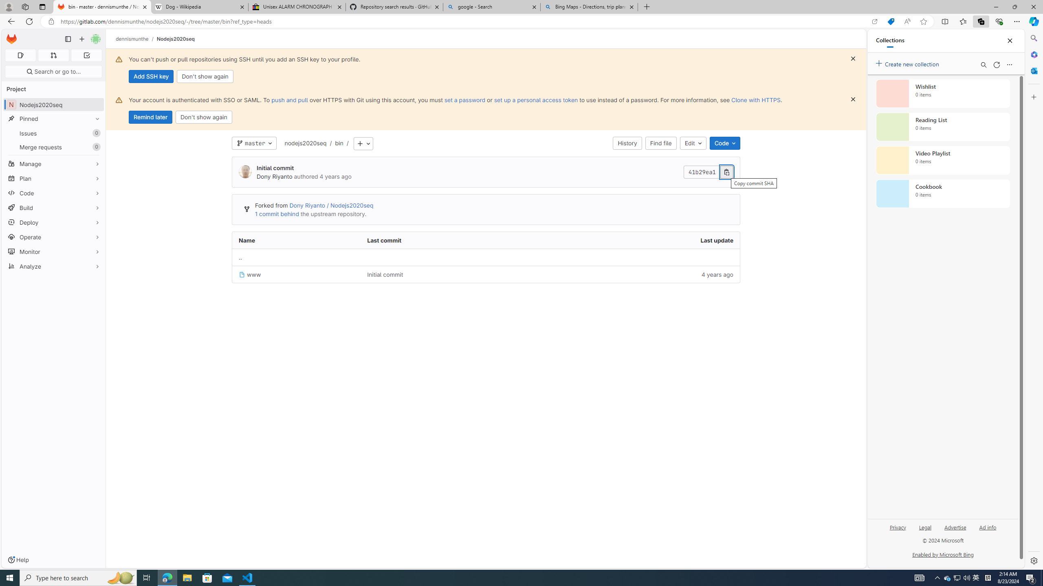  Describe the element at coordinates (627, 143) in the screenshot. I see `'History'` at that location.